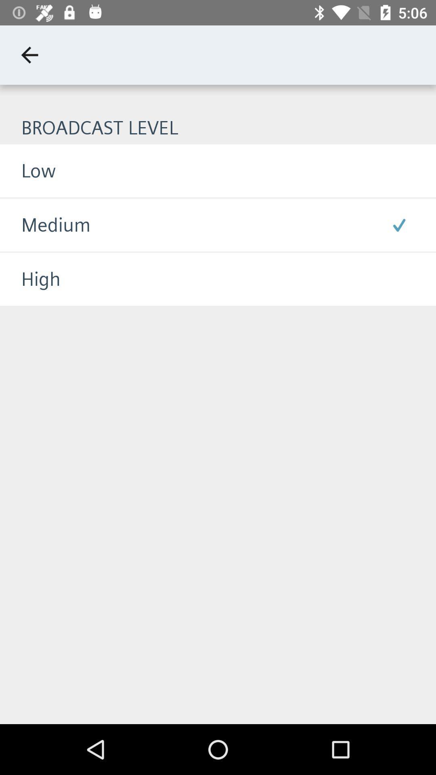  What do you see at coordinates (27, 170) in the screenshot?
I see `low item` at bounding box center [27, 170].